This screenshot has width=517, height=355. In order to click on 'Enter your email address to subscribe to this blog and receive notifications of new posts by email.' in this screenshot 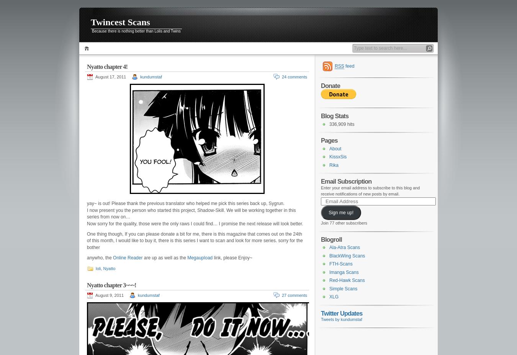, I will do `click(370, 190)`.